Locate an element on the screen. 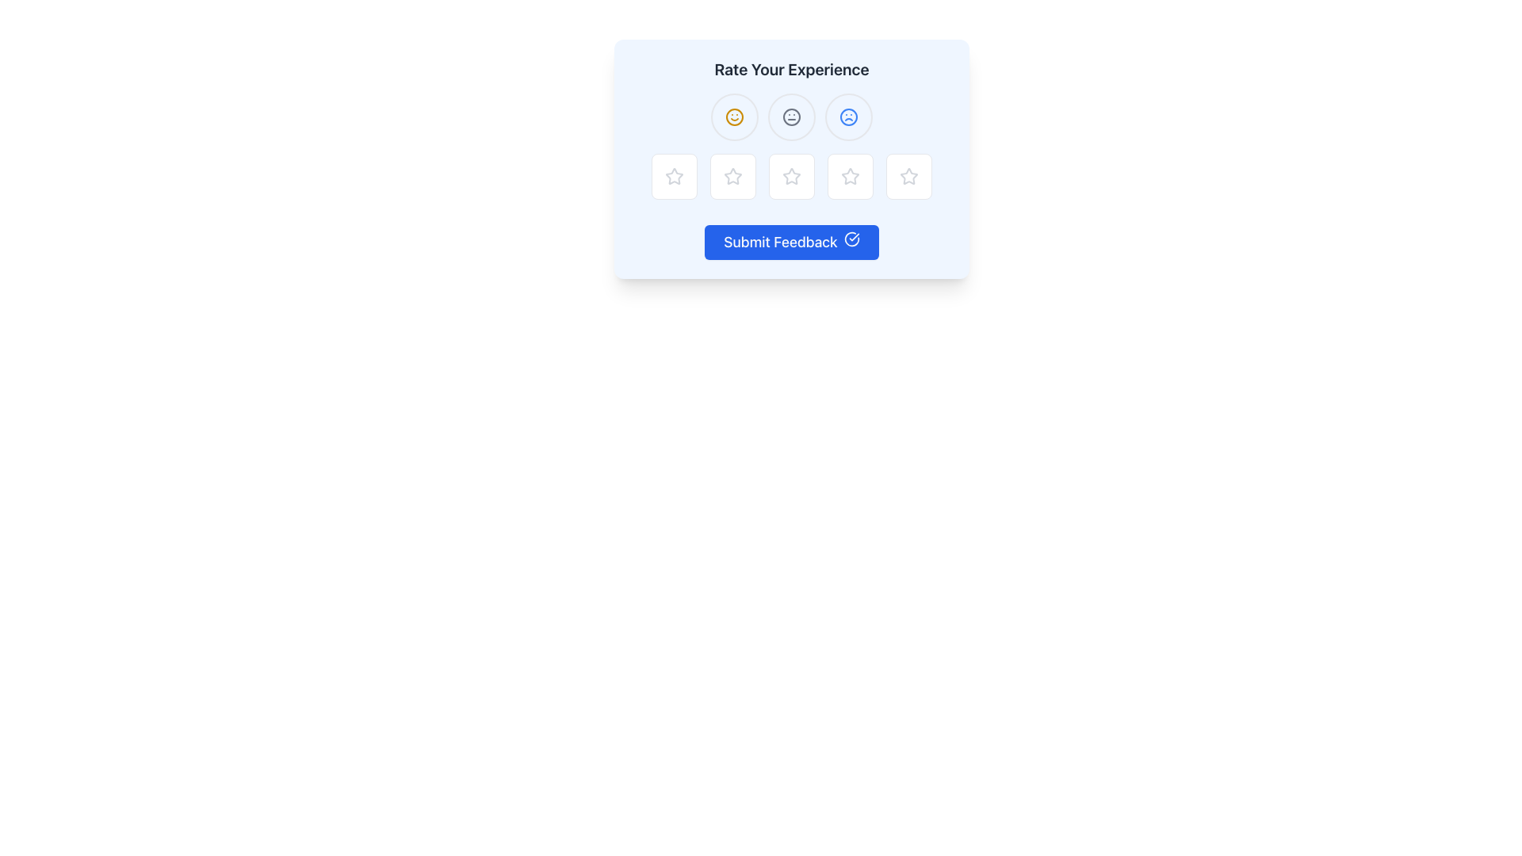 The width and height of the screenshot is (1522, 856). the neutral rating button located centrally below the 'Rate Your Experience' text, which is the middle button in a horizontal layout is located at coordinates (791, 116).